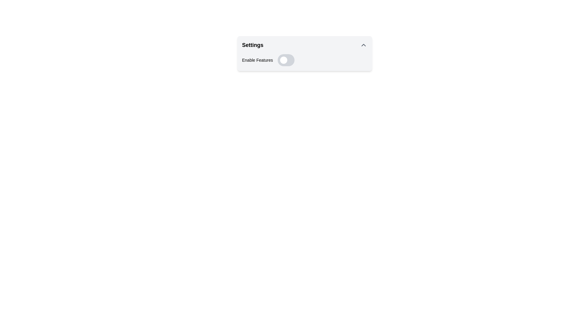 The image size is (577, 325). What do you see at coordinates (257, 60) in the screenshot?
I see `the text label that provides context for the adjacent switch toggle, located in the top-left quadrant of the settings panel` at bounding box center [257, 60].